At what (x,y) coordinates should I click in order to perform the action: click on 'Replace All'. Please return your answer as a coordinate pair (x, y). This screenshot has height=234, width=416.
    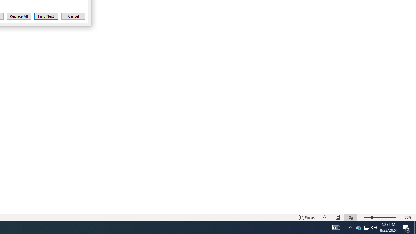
    Looking at the image, I should click on (19, 16).